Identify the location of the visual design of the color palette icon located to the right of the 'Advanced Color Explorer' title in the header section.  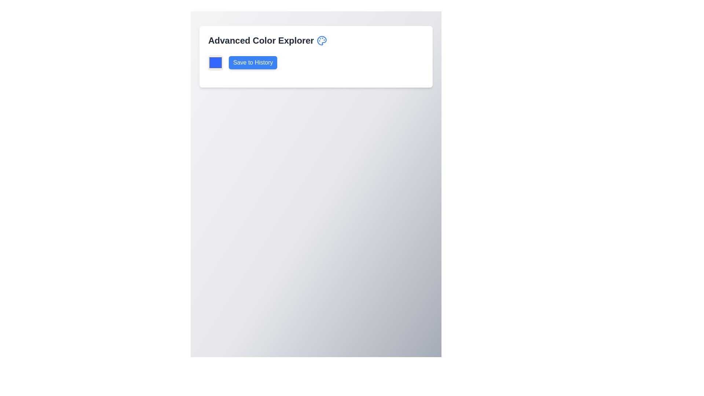
(322, 41).